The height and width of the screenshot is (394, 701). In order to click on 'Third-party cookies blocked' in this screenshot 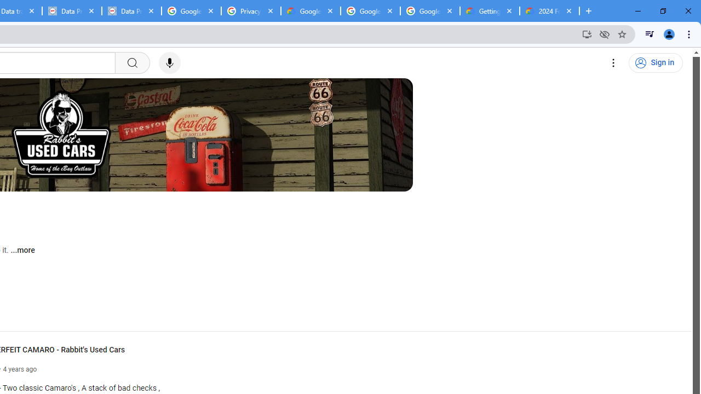, I will do `click(604, 33)`.